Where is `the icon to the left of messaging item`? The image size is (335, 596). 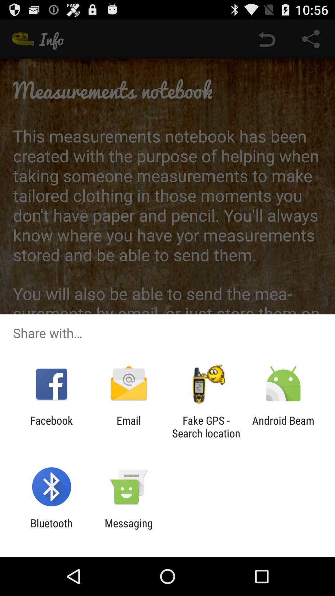
the icon to the left of messaging item is located at coordinates (51, 529).